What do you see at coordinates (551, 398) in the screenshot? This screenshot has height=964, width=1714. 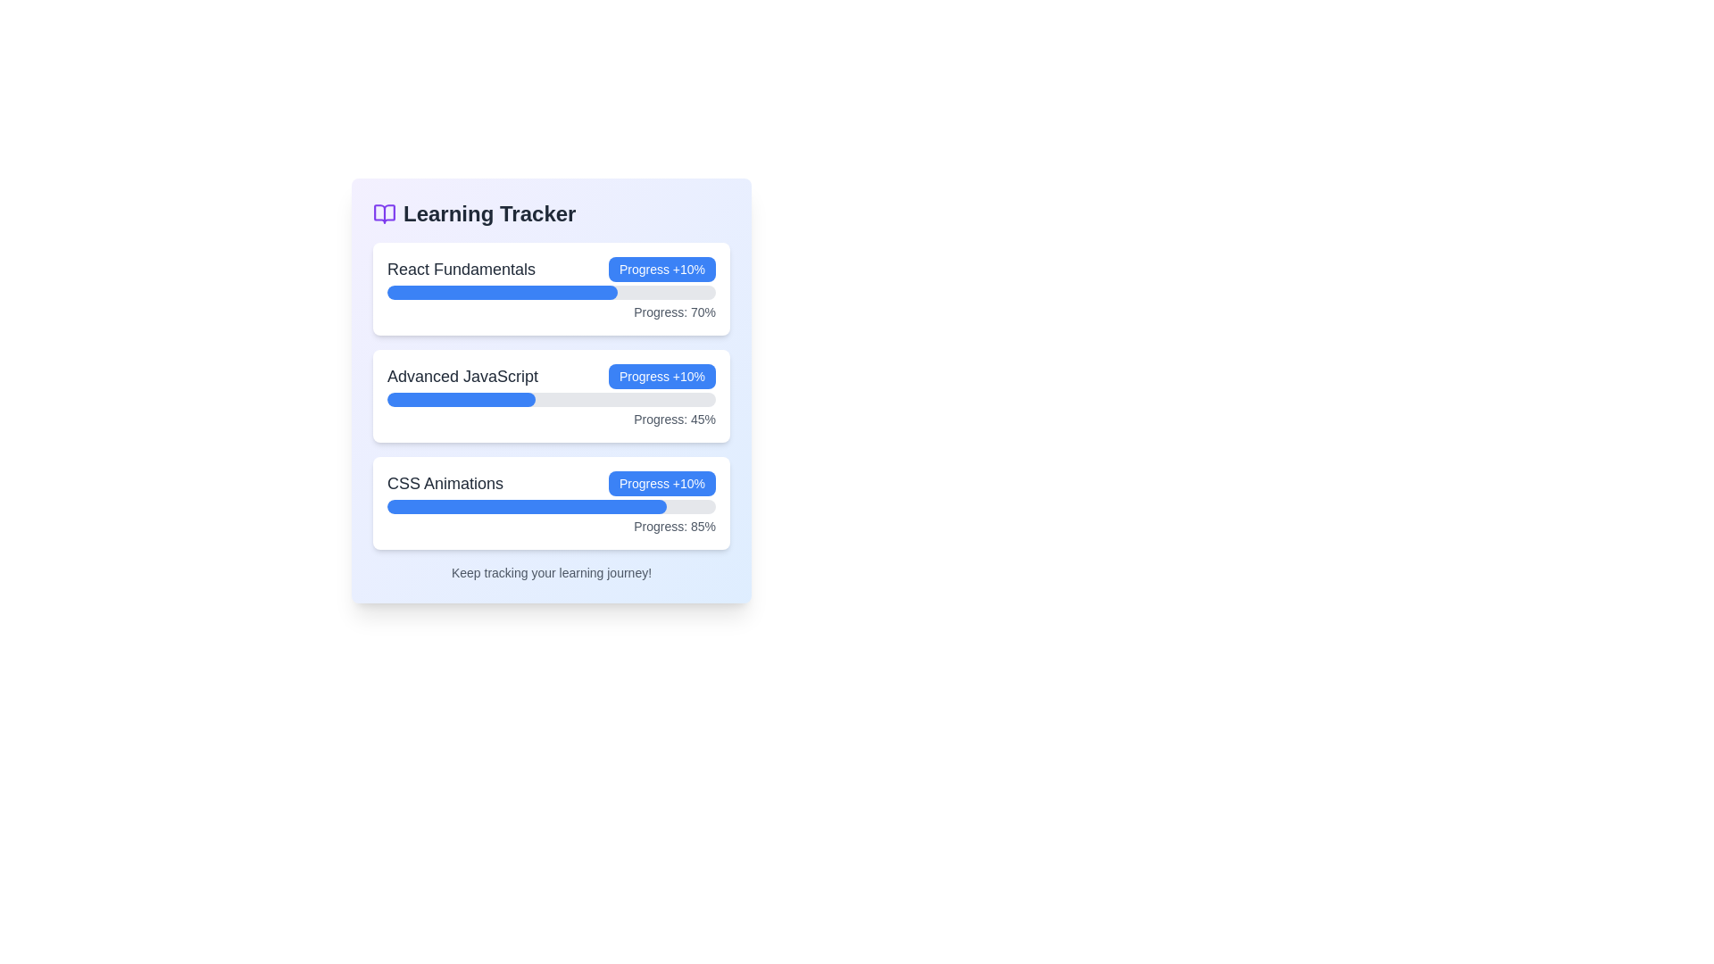 I see `the horizontal progress bar indicating 45% progress, located below the 'Advanced JavaScript' header and above the 'Progress: 45%' text` at bounding box center [551, 398].